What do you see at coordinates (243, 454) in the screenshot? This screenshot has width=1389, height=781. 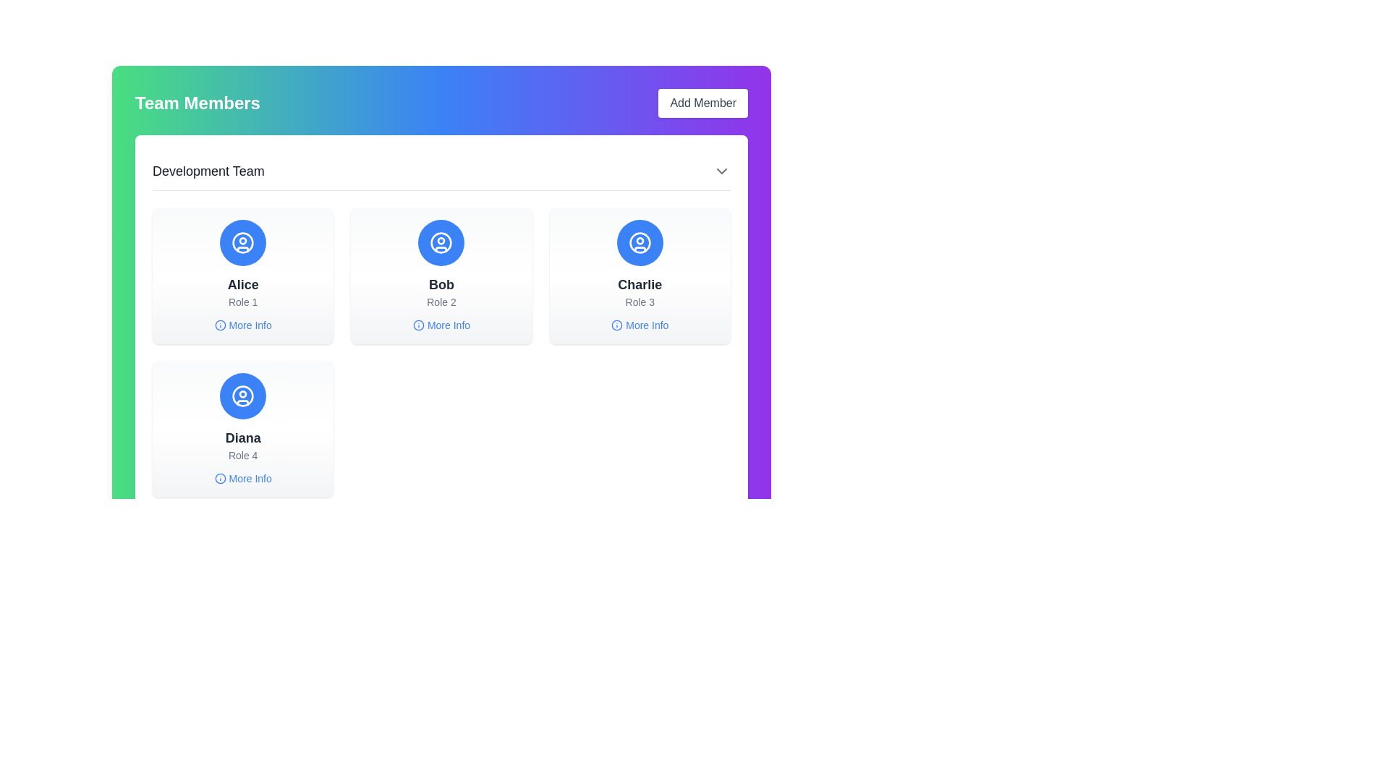 I see `the text label displaying 'Role 4' which is located beneath the name 'Diana' in the team member card grid` at bounding box center [243, 454].